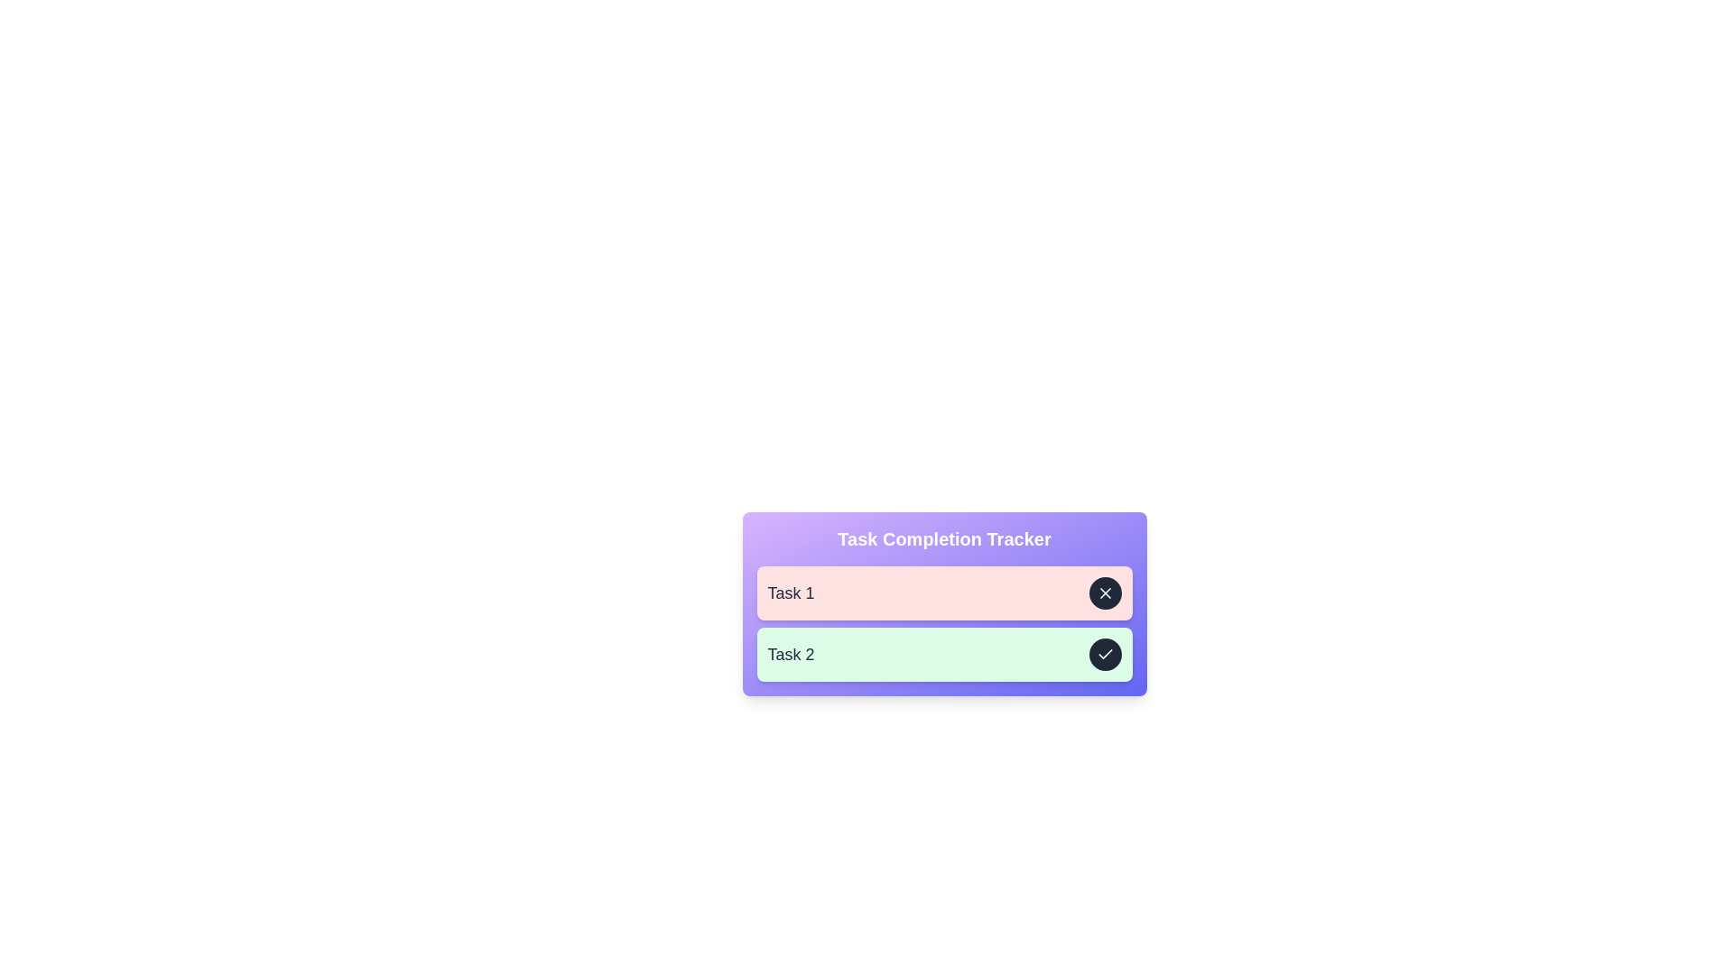 The image size is (1733, 974). What do you see at coordinates (1104, 654) in the screenshot?
I see `the confirmation icon located at the far-right end of the second row in the 'Task Completion Tracker' interface` at bounding box center [1104, 654].